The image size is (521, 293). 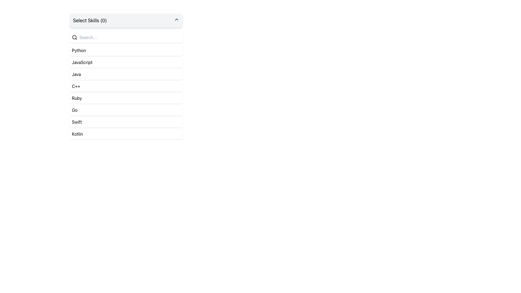 What do you see at coordinates (126, 98) in the screenshot?
I see `the fifth item in the programming languages list` at bounding box center [126, 98].